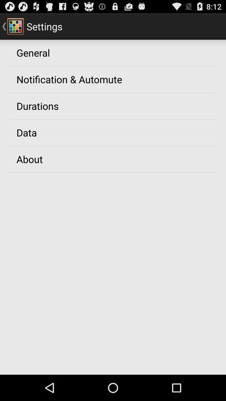 This screenshot has height=401, width=226. What do you see at coordinates (29, 158) in the screenshot?
I see `the app below data` at bounding box center [29, 158].